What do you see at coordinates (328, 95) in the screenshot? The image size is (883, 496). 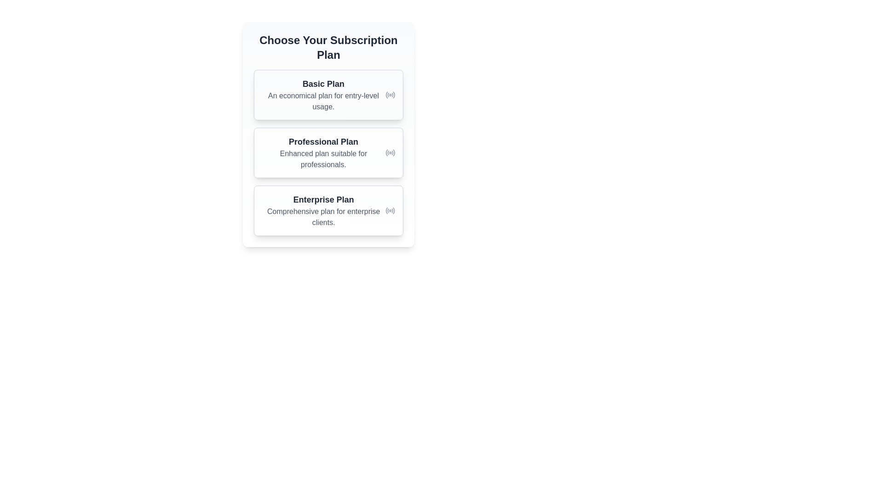 I see `the 'Basic Plan' card element, which features a white background, rounded corners, and contains the text 'Basic Plan' in bold, positioned at the top of the subscription options stack` at bounding box center [328, 95].